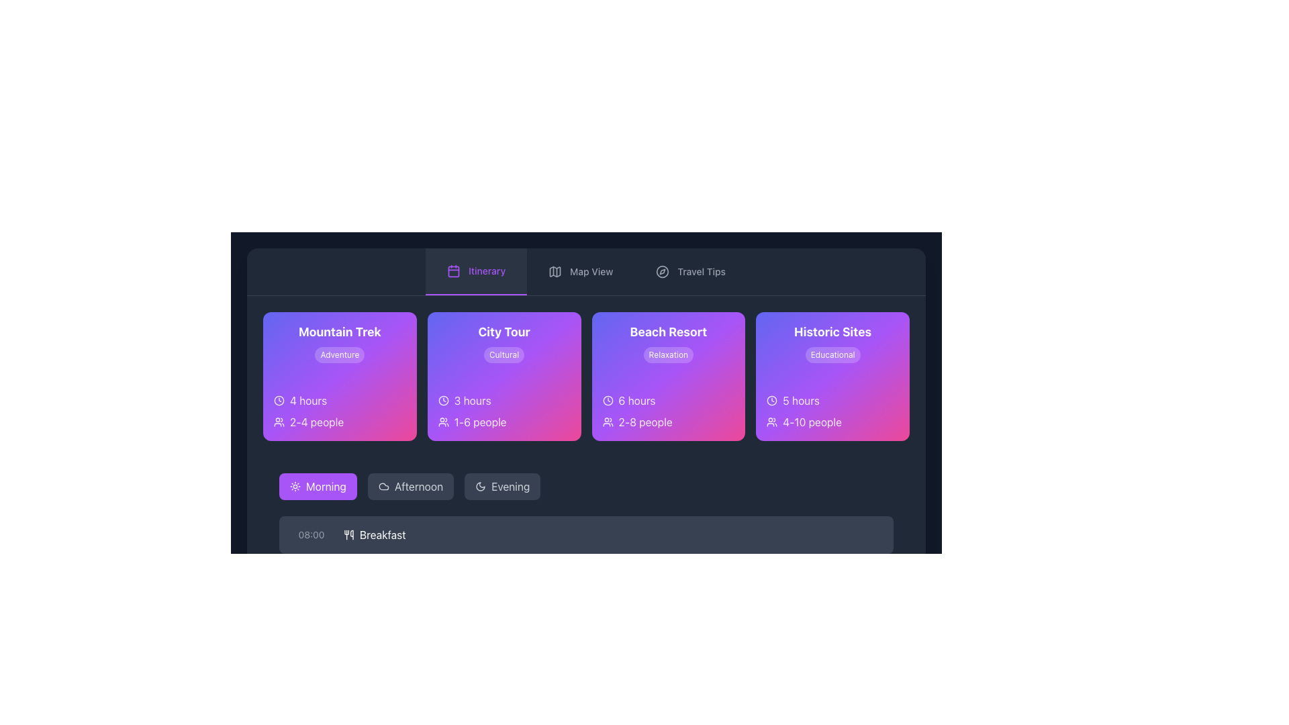 Image resolution: width=1289 pixels, height=725 pixels. I want to click on the text label reading '2-8 people' with a user icon on its left, located in the lower portion of the 'Beach Resort' card, below the '6 hours' label, so click(668, 421).